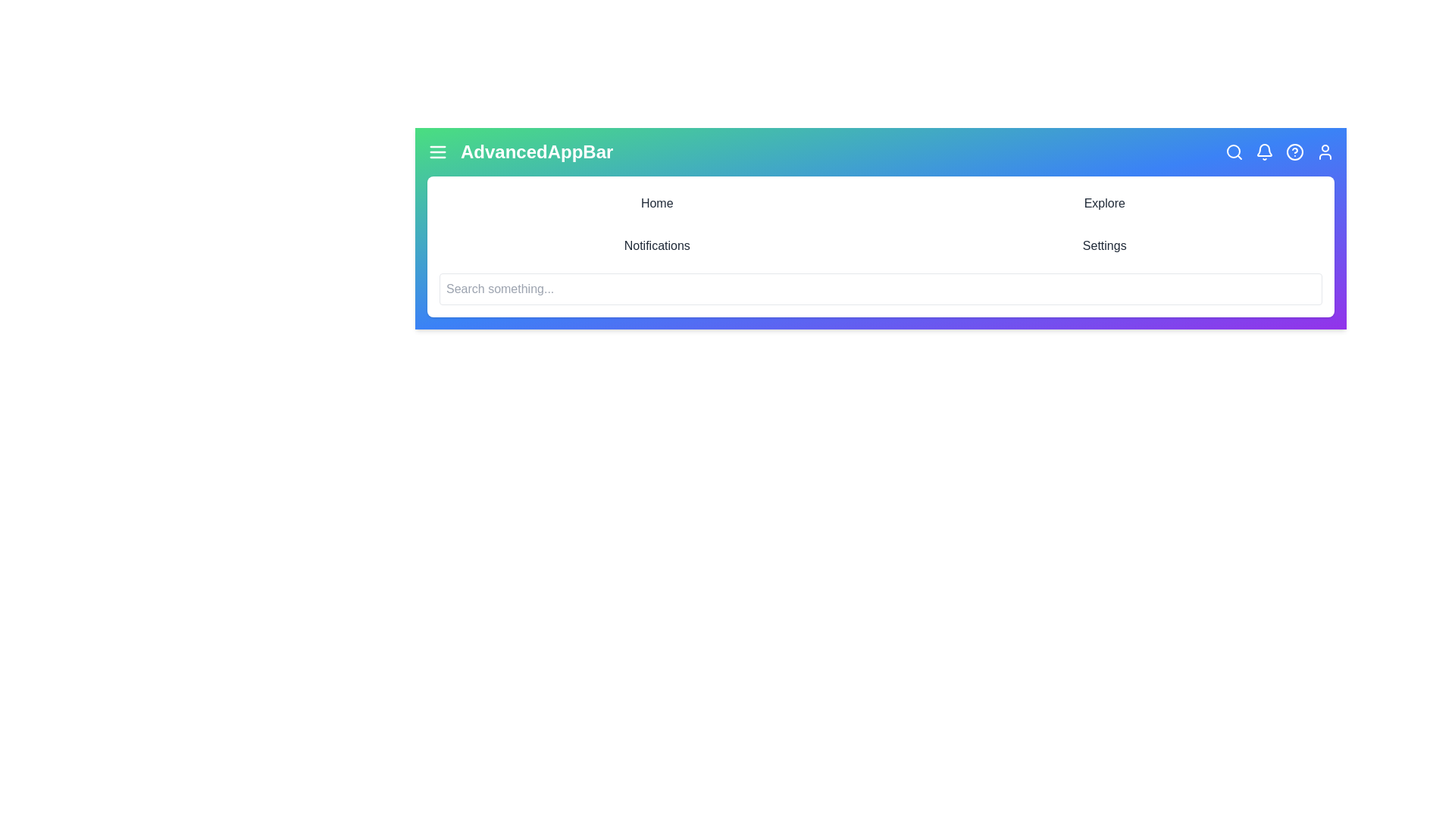 The image size is (1455, 818). I want to click on the Search icon to trigger its functionality, so click(1234, 151).